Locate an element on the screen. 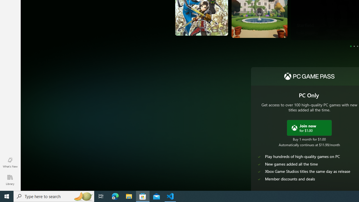 The image size is (359, 202). 'Page 2' is located at coordinates (354, 46).